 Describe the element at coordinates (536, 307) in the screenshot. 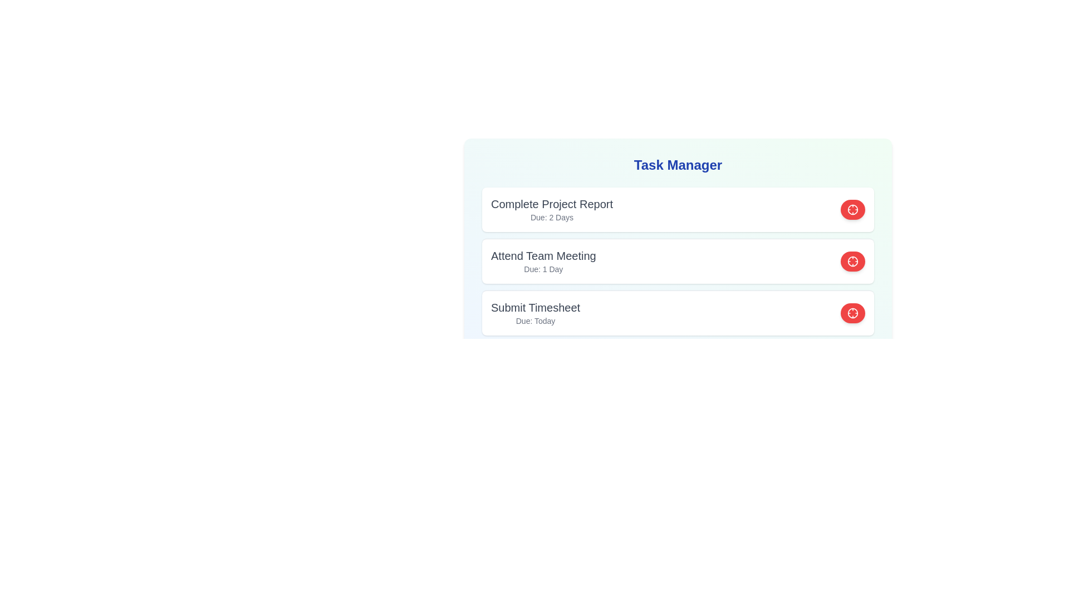

I see `the 'Submit Timesheet' text label, which serves as a title for the corresponding task located in the third task box, positioned above the 'Due: Today' text` at that location.